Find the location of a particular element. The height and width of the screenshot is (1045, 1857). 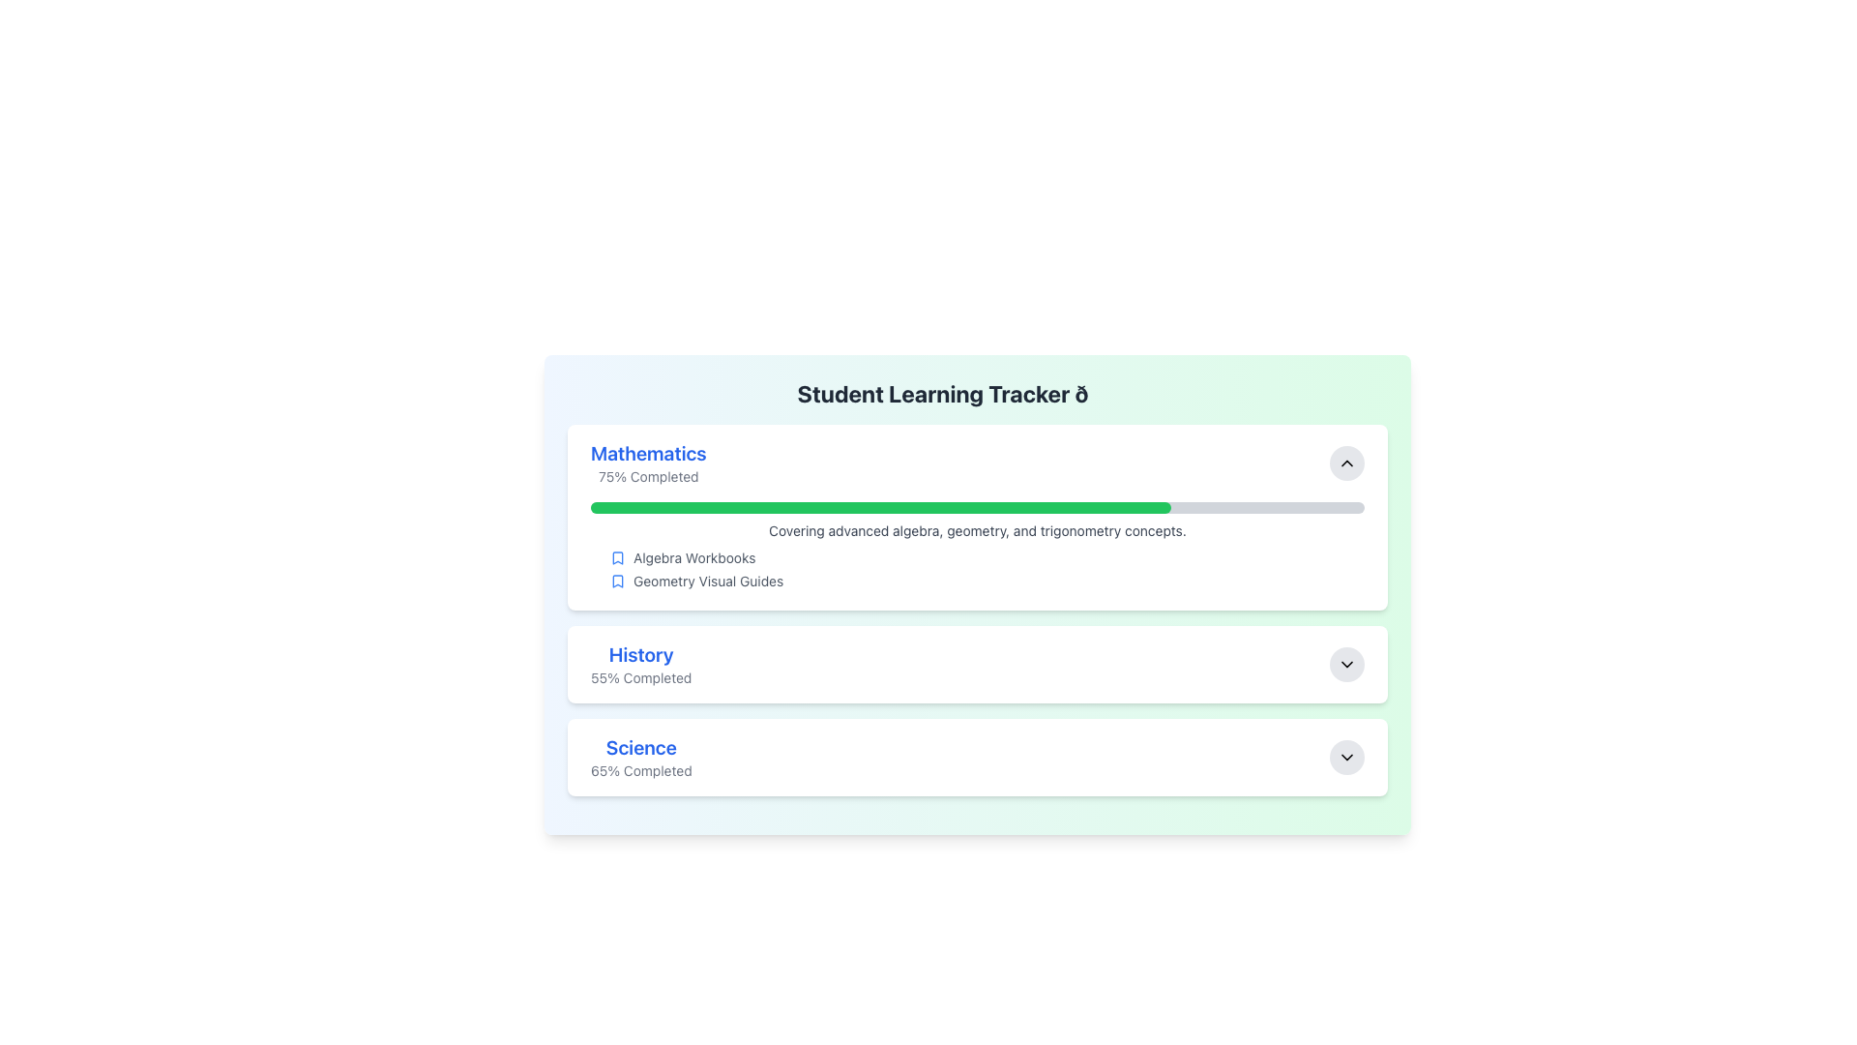

the button located at the top-right of the 'Mathematics' progress section is located at coordinates (1345, 463).